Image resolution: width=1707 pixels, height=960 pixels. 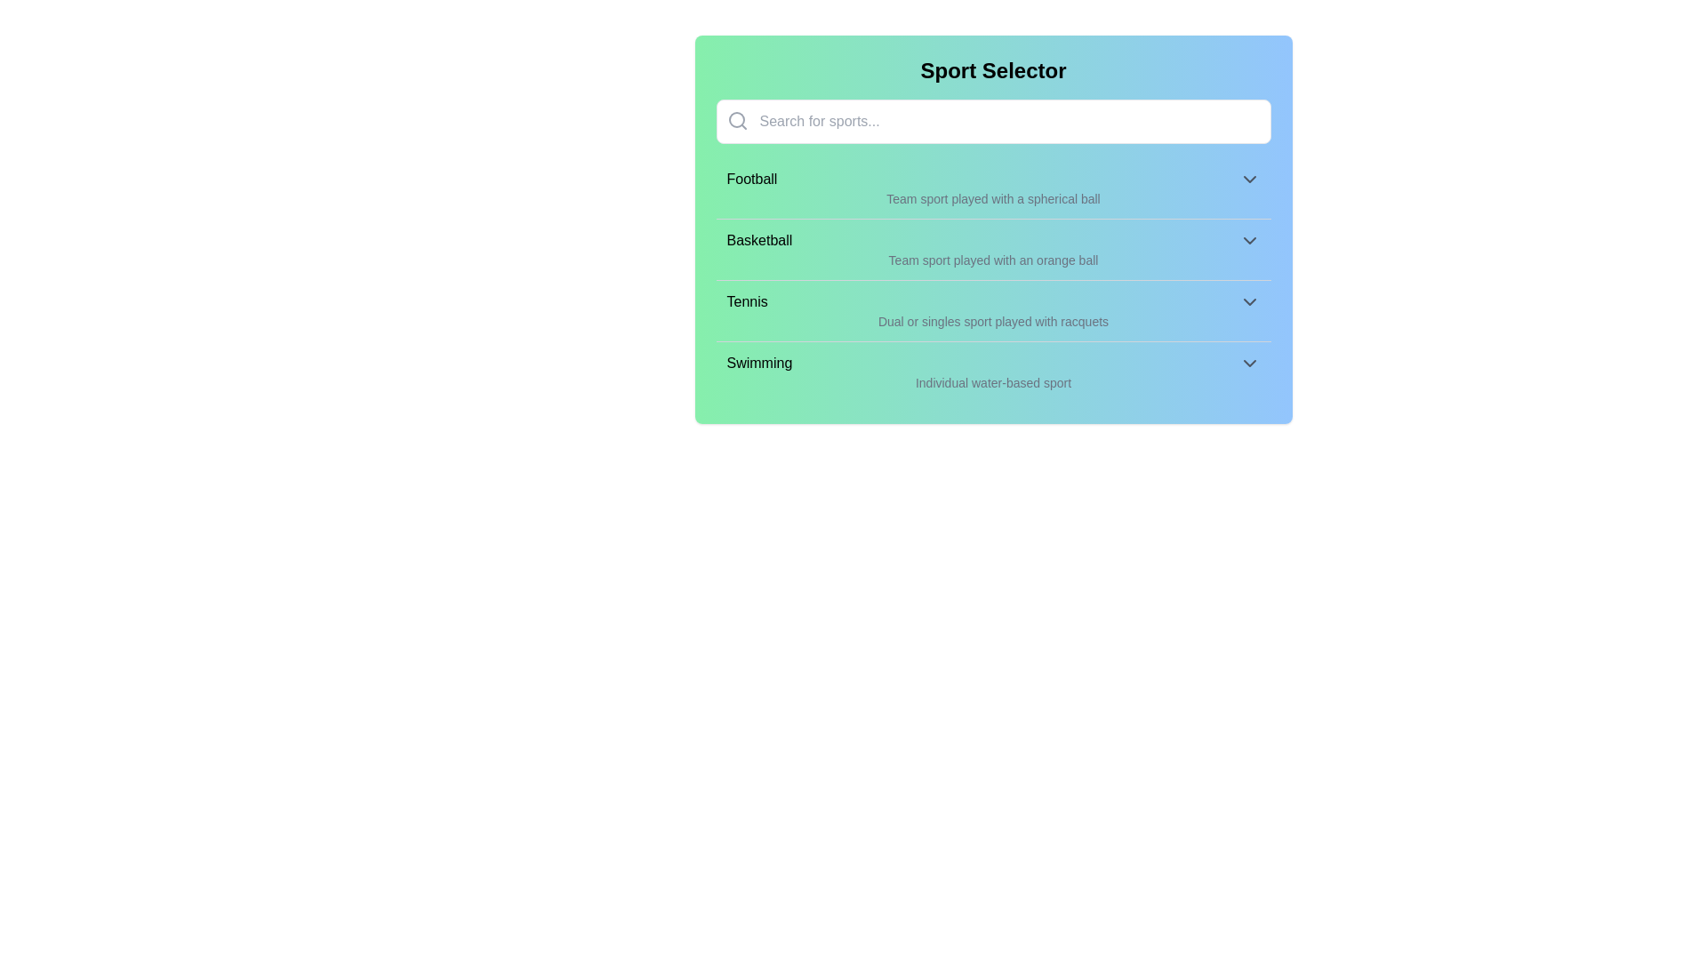 What do you see at coordinates (759, 240) in the screenshot?
I see `the Text Label indicating the user's selection for 'Basketball' within the sports selector interface` at bounding box center [759, 240].